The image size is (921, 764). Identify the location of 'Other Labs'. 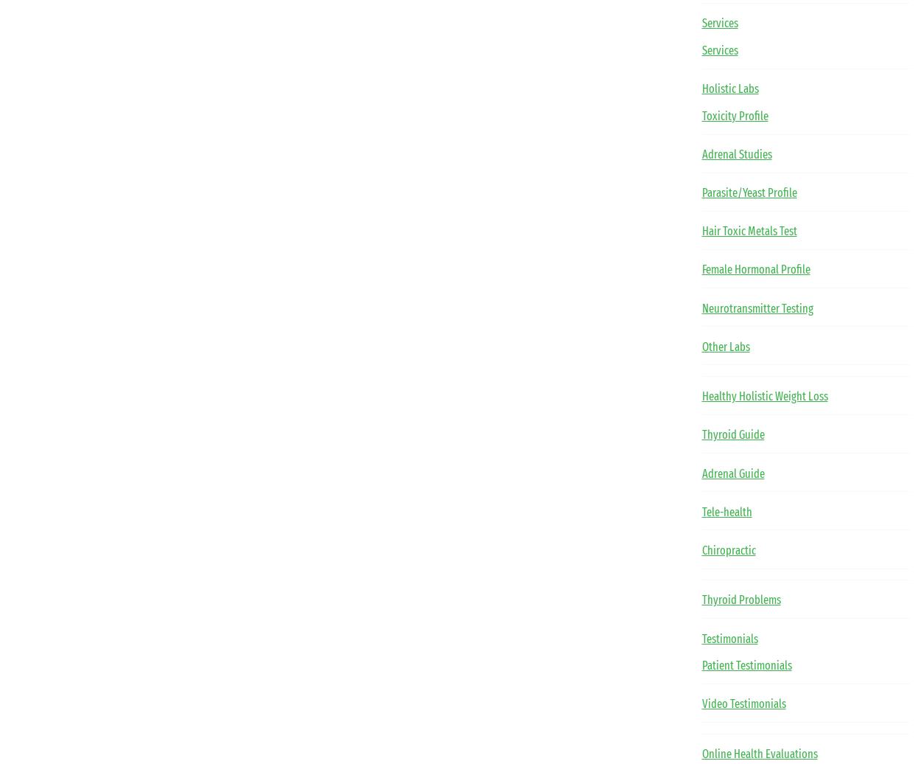
(724, 346).